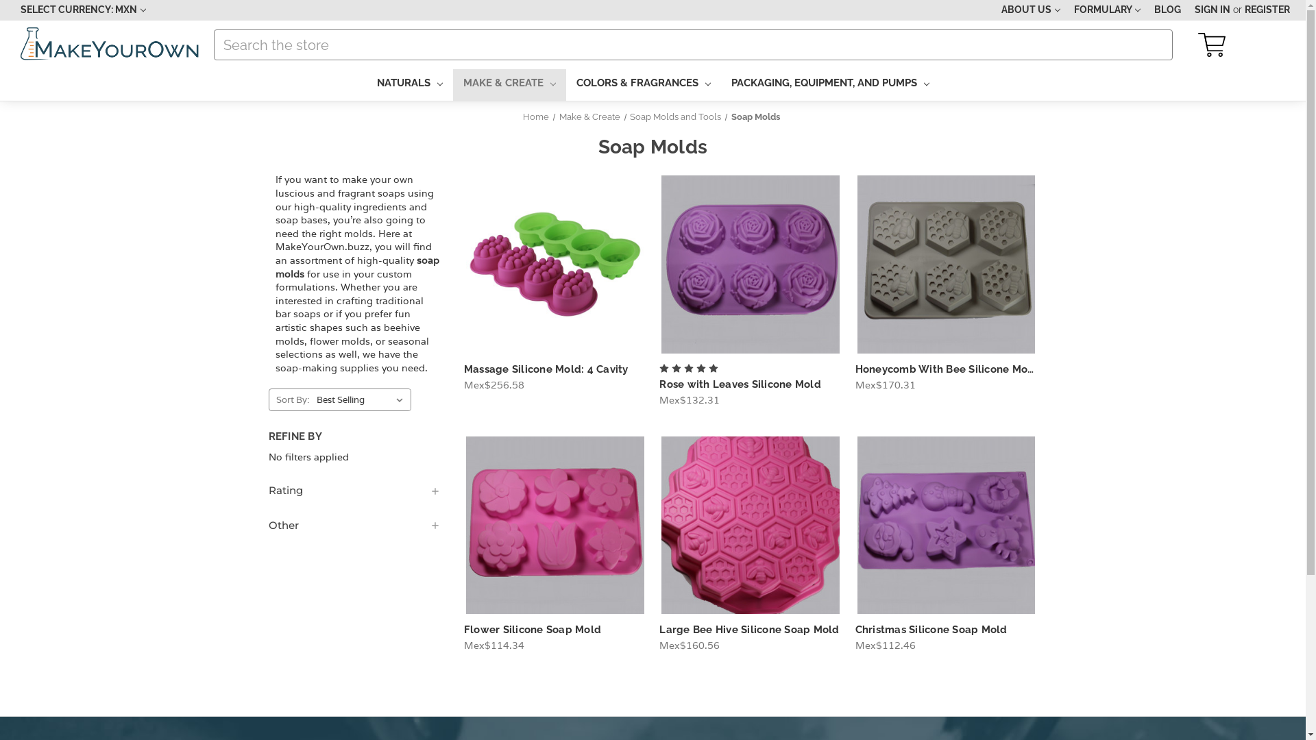 The image size is (1316, 740). What do you see at coordinates (466, 525) in the screenshot?
I see `'Flower Silicone Soap Mold Outside'` at bounding box center [466, 525].